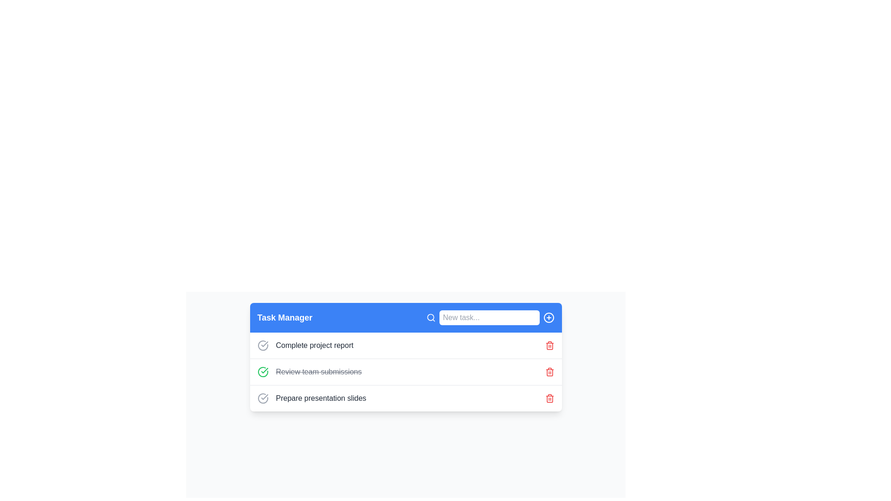  What do you see at coordinates (262, 398) in the screenshot?
I see `the Checkbox-like icon with a checkmark inside, located at the leftmost side of the task entry labeled 'Prepare presentation slides'` at bounding box center [262, 398].